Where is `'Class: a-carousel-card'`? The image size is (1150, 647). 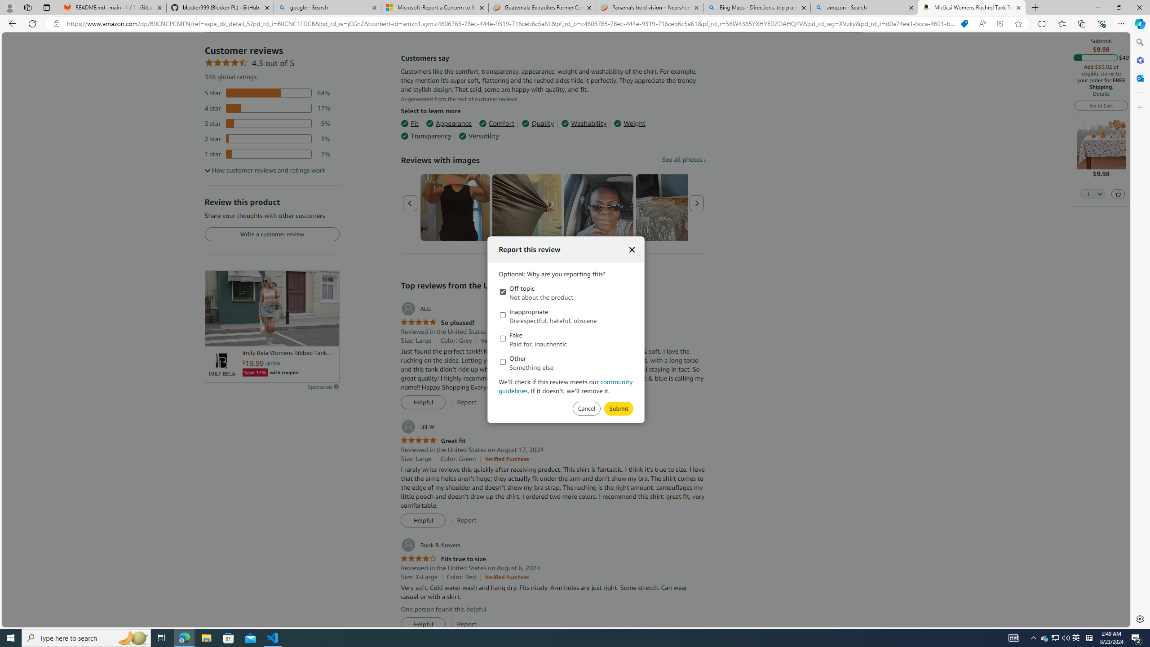 'Class: a-carousel-card' is located at coordinates (598, 208).